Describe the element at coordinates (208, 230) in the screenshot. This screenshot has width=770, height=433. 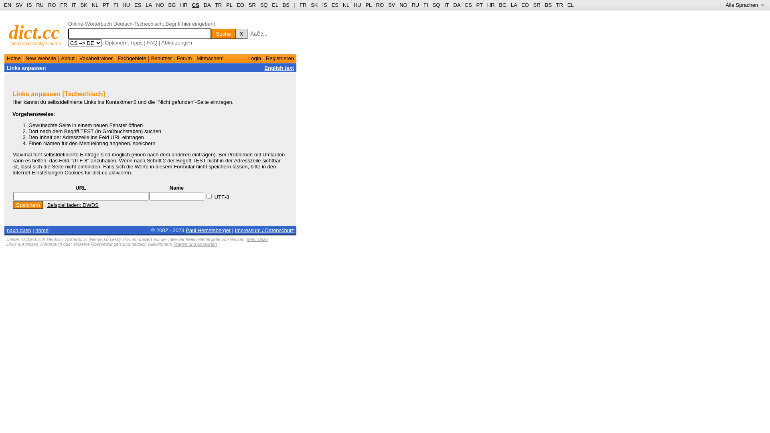
I see `'Paul Hemetsberger'` at that location.